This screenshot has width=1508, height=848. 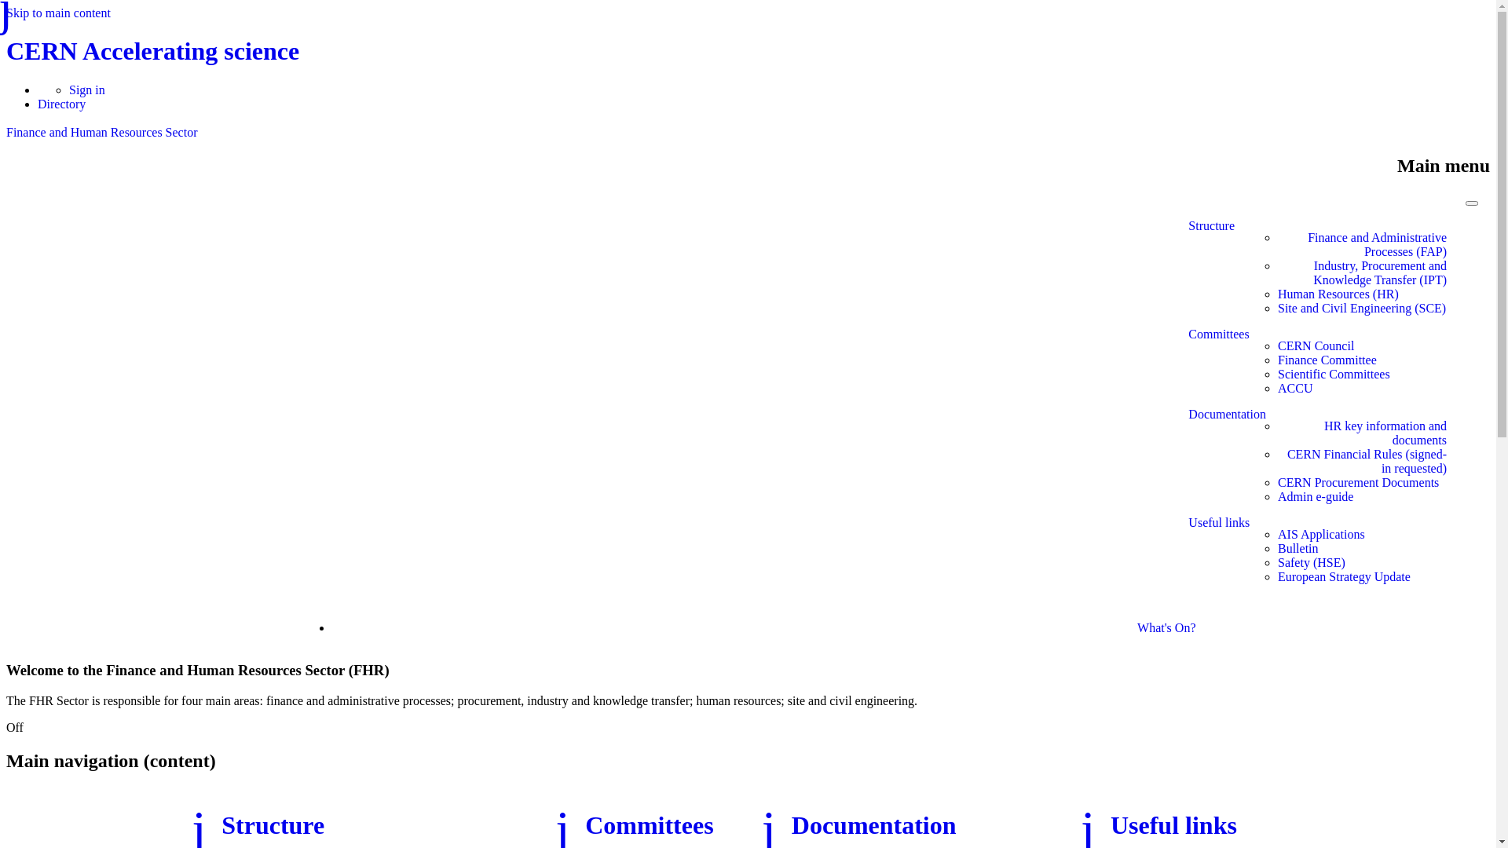 I want to click on 'Committees', so click(x=649, y=824).